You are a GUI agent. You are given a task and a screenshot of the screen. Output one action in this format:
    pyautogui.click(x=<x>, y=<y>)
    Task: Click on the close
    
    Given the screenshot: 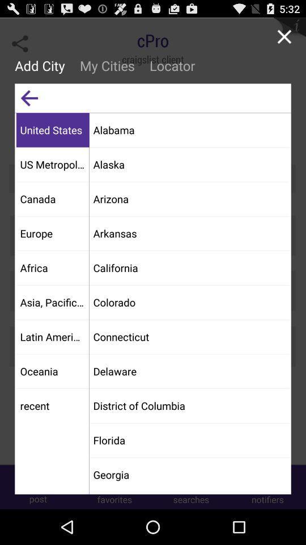 What is the action you would take?
    pyautogui.click(x=283, y=36)
    